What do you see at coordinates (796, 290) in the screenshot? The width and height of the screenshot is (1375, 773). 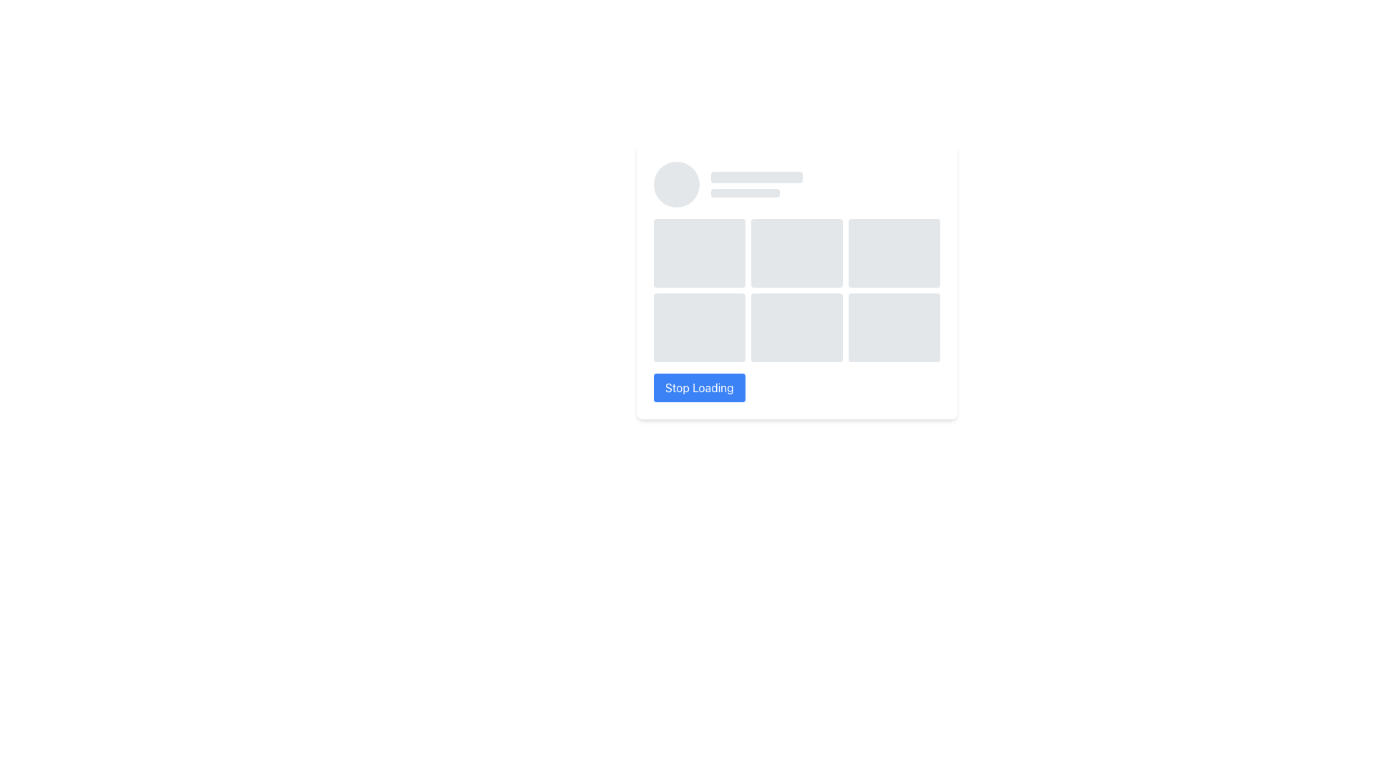 I see `the grid layout element that serves as a placeholder for loading content, located centrally in a card-like structure beneath user profile elements and above the 'Stop Loading' button` at bounding box center [796, 290].